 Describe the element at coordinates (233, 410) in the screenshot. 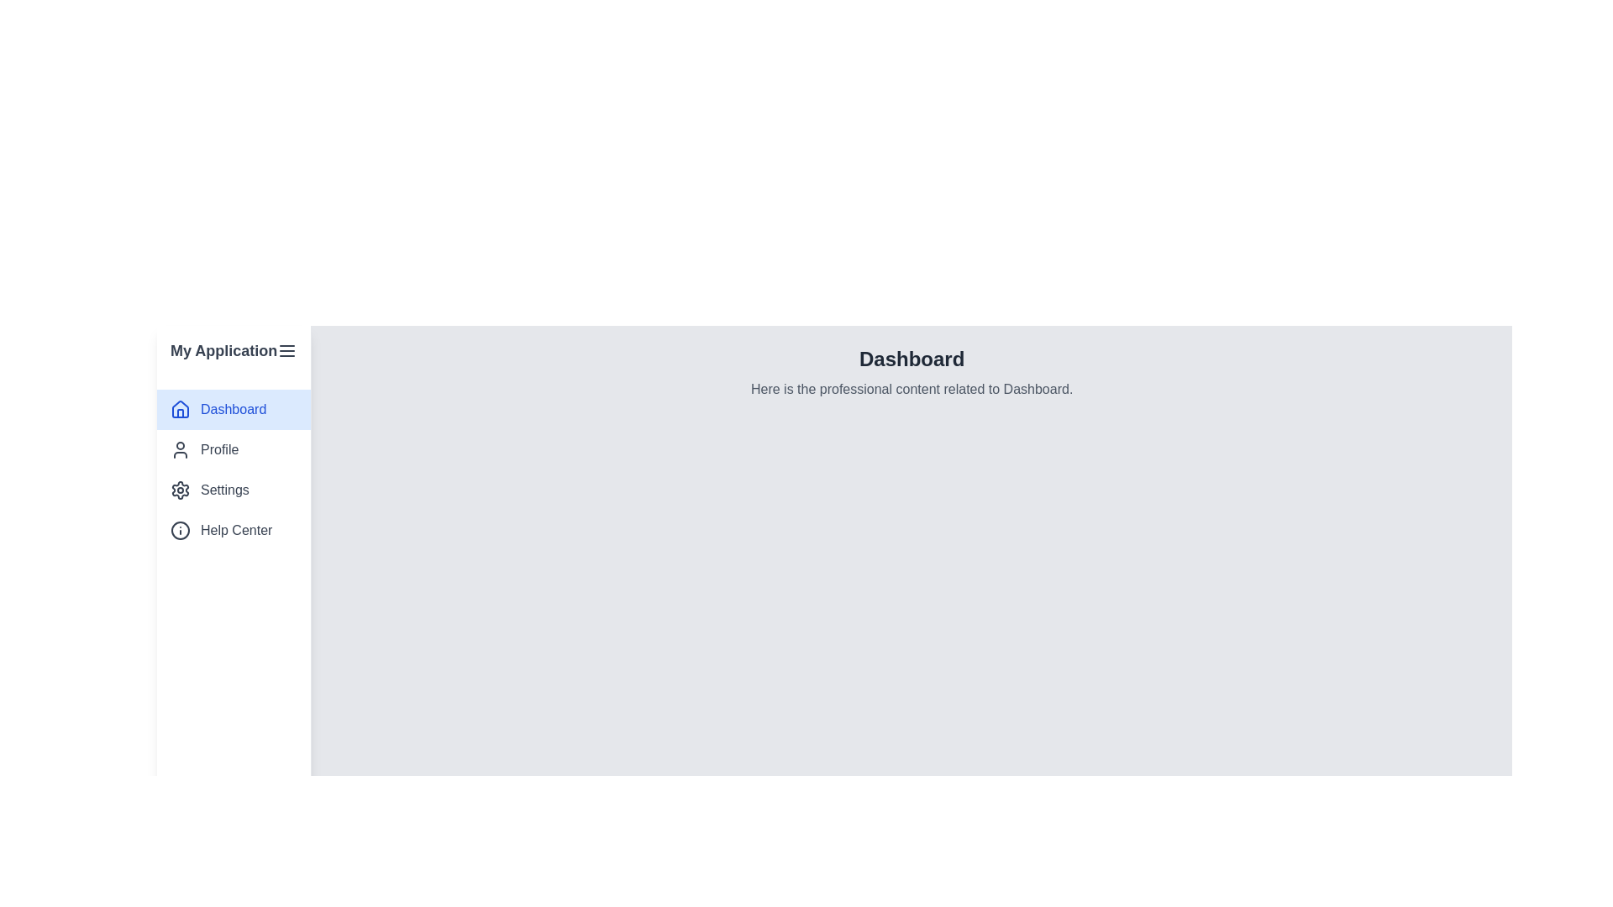

I see `the 'Dashboard' label in the sidebar navigation menu` at that location.